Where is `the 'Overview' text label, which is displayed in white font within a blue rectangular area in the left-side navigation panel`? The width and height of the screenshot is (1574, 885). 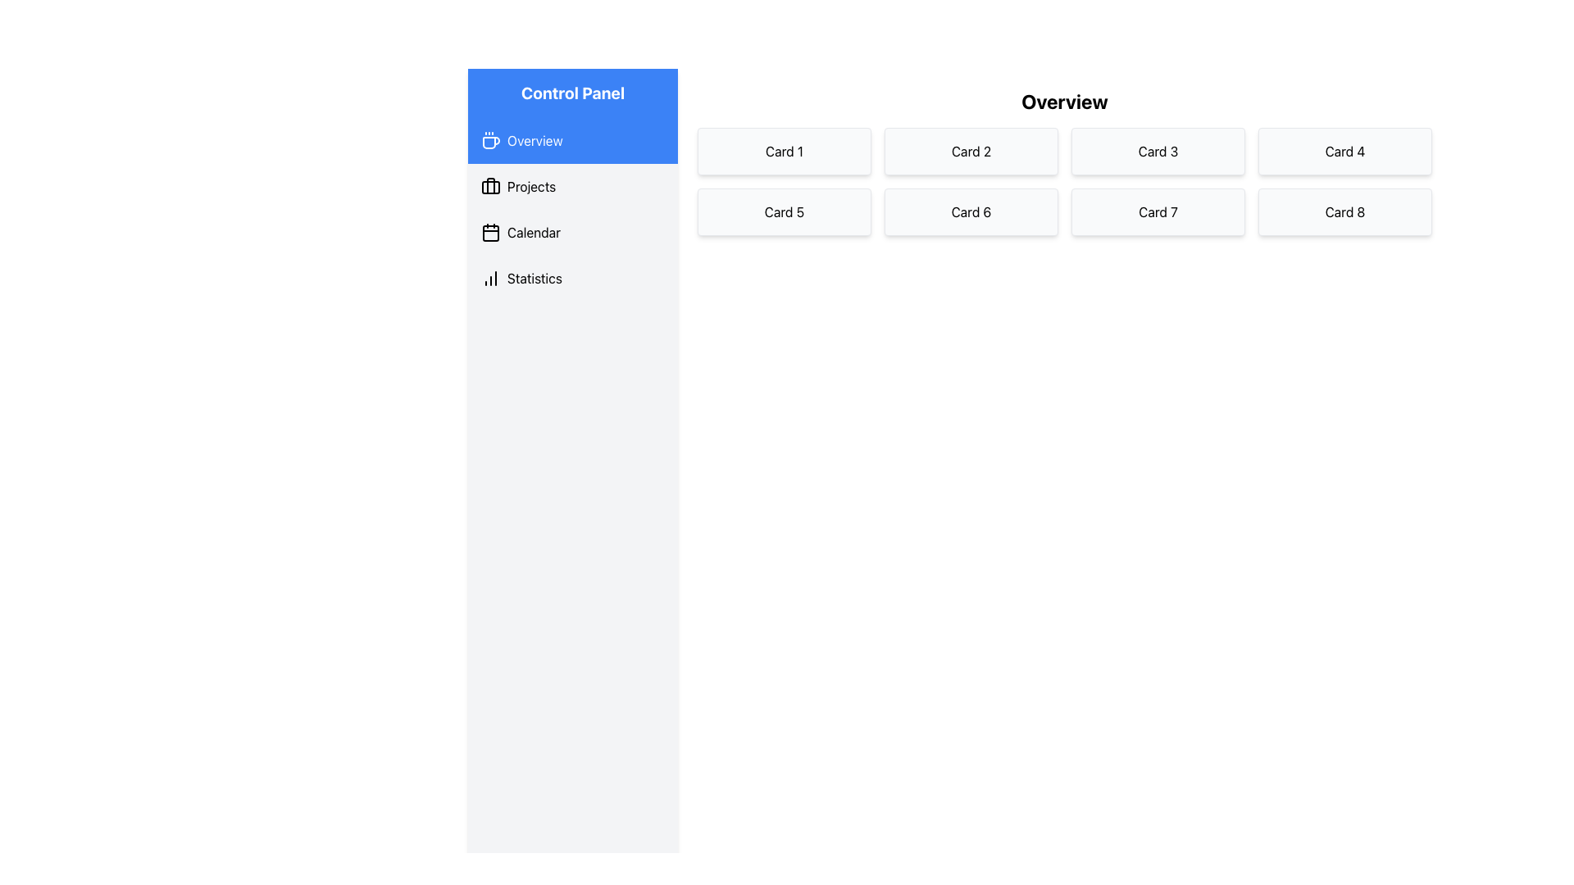
the 'Overview' text label, which is displayed in white font within a blue rectangular area in the left-side navigation panel is located at coordinates (535, 140).